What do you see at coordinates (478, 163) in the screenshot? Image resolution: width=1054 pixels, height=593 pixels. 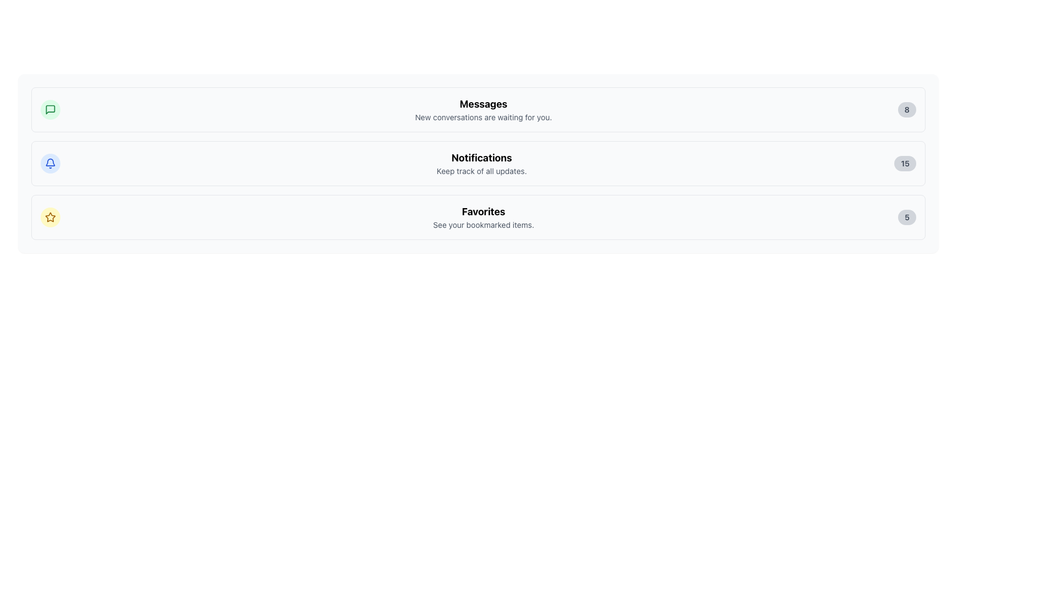 I see `the 'Notifications' interactive list card, which is the second card in a vertical list of three items` at bounding box center [478, 163].